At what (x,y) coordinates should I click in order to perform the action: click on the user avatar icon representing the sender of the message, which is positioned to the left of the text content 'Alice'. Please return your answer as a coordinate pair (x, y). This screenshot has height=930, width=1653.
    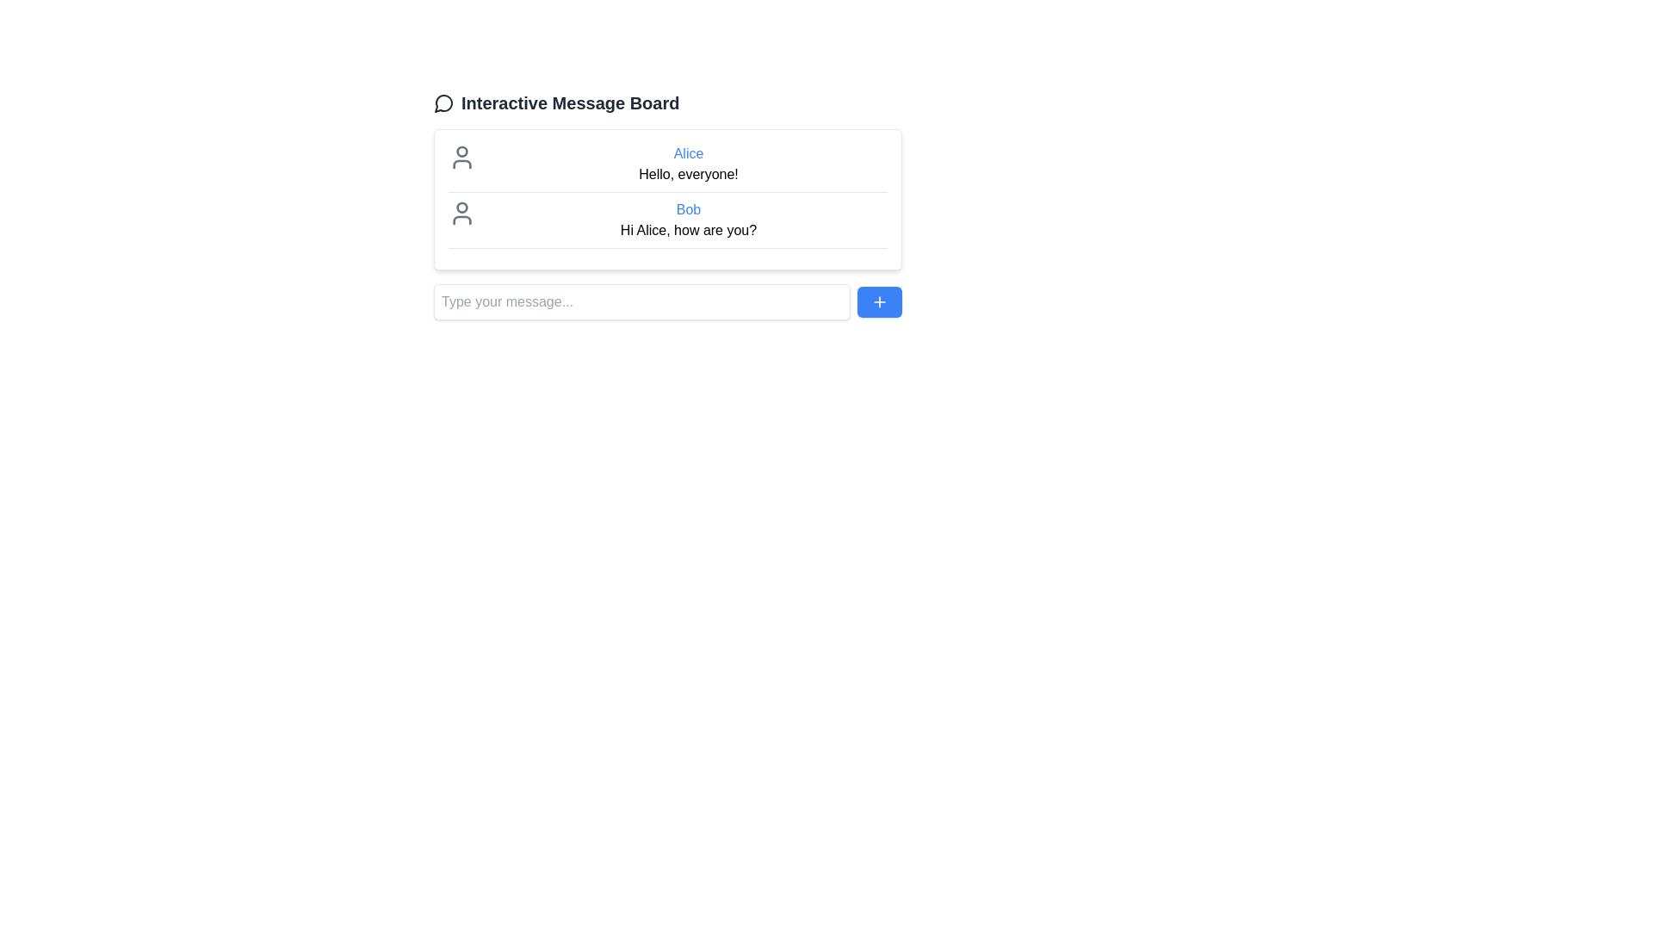
    Looking at the image, I should click on (462, 157).